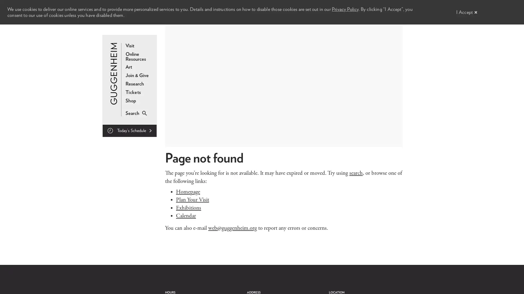 The height and width of the screenshot is (294, 524). What do you see at coordinates (137, 75) in the screenshot?
I see `Launch Join & Give Submenu Modal` at bounding box center [137, 75].